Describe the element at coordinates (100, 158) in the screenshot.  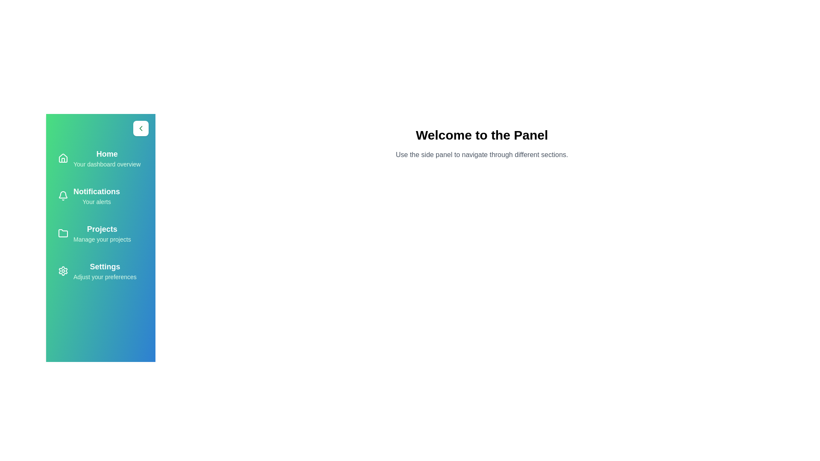
I see `the tab Home from the side panel` at that location.